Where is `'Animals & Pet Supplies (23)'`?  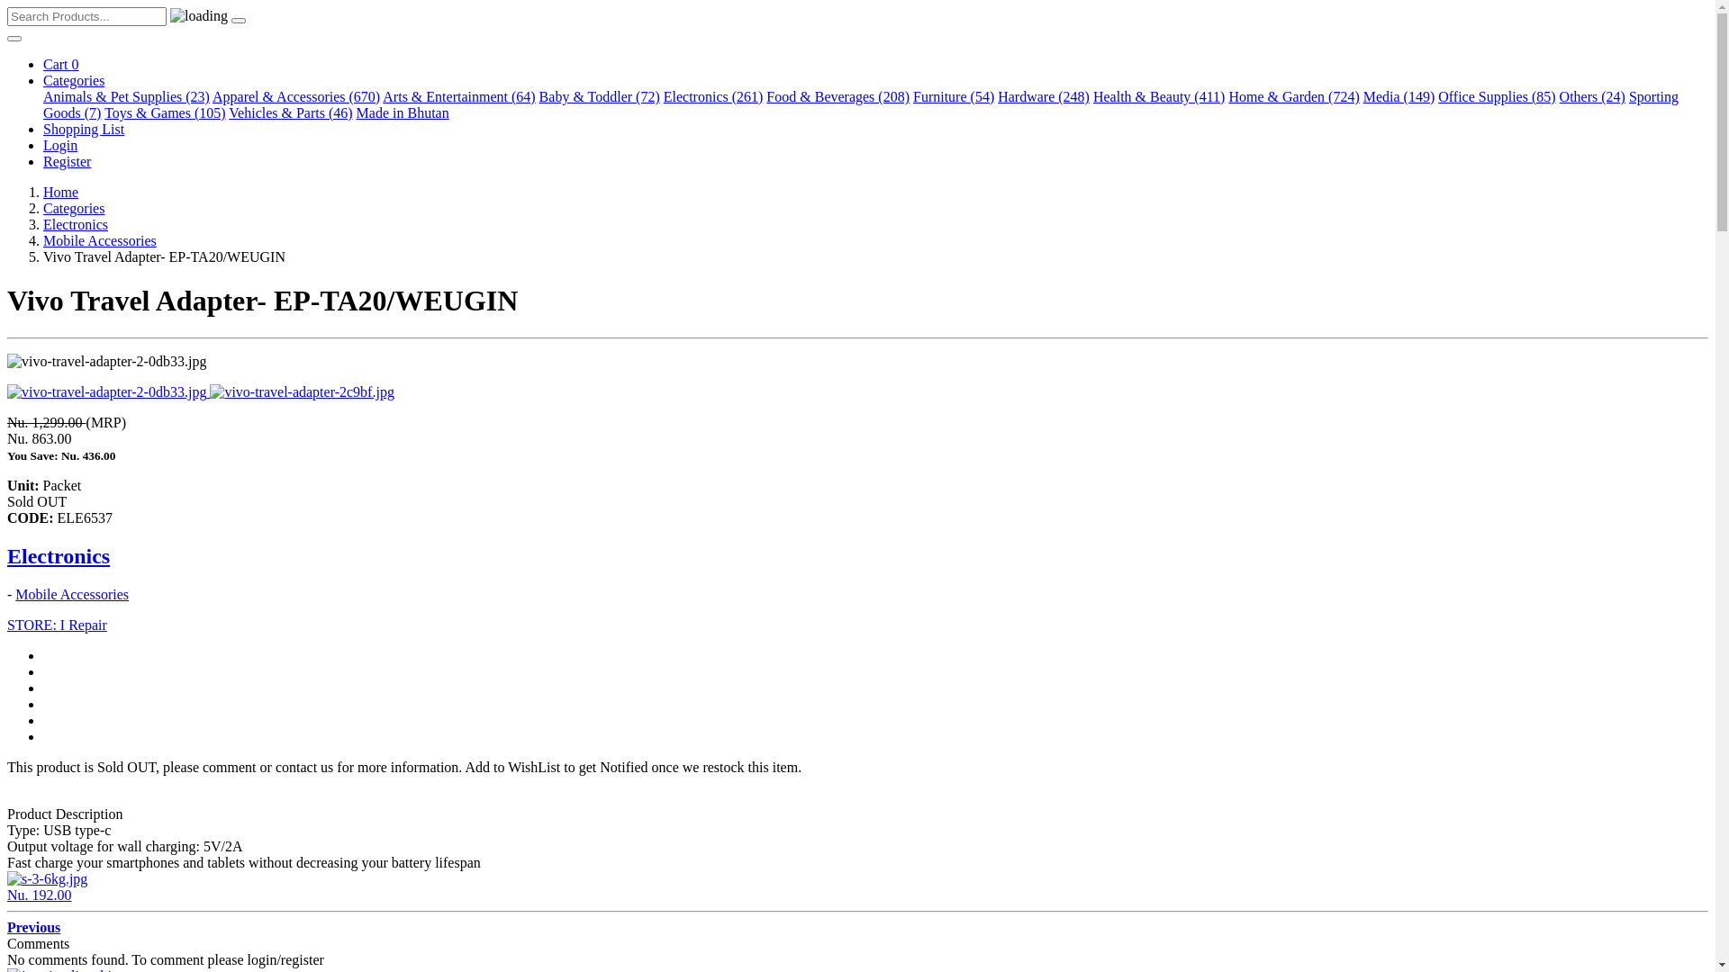 'Animals & Pet Supplies (23)' is located at coordinates (125, 96).